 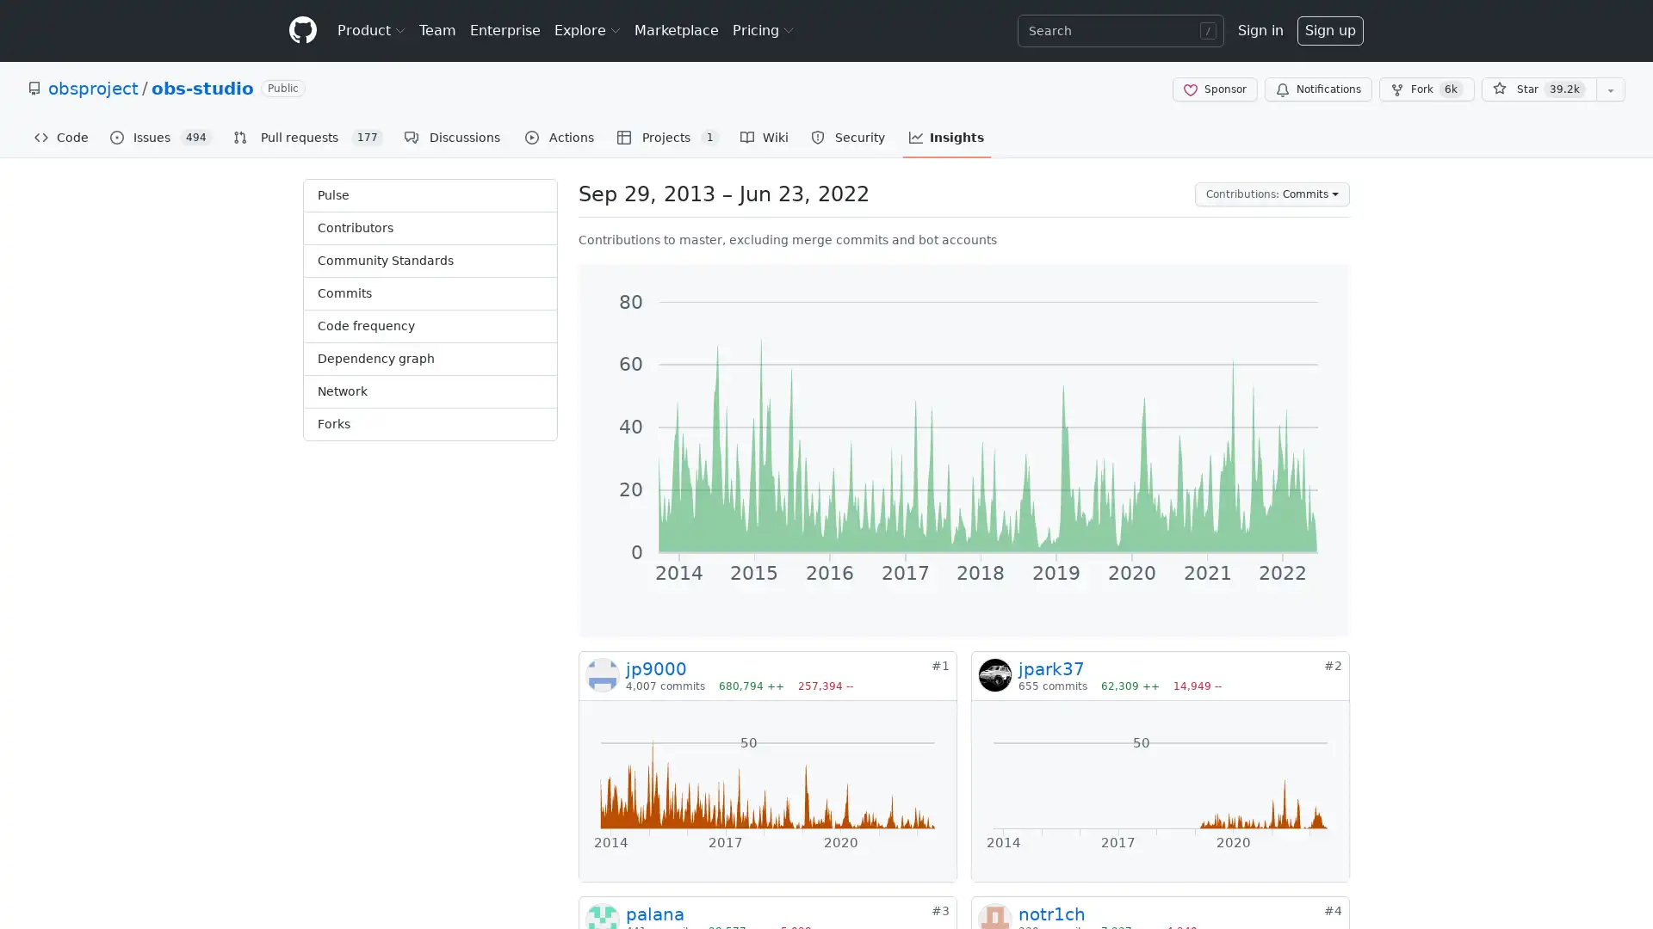 I want to click on Sponsor, so click(x=1214, y=89).